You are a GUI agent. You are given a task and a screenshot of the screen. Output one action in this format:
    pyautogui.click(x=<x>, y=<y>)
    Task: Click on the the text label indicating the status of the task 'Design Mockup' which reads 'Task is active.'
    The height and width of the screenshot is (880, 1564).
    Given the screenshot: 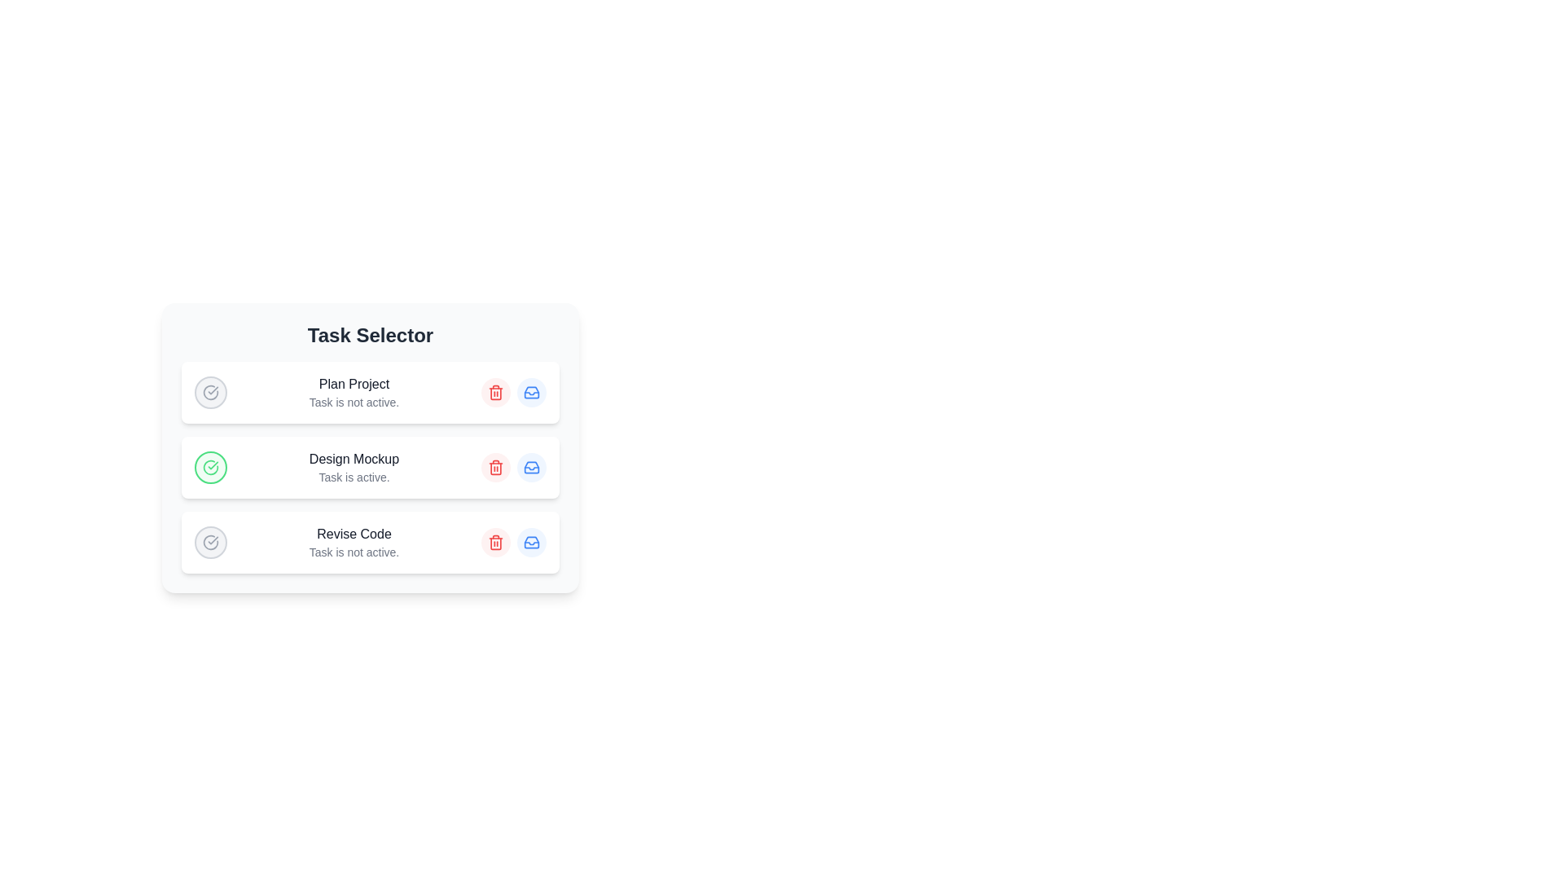 What is the action you would take?
    pyautogui.click(x=354, y=468)
    